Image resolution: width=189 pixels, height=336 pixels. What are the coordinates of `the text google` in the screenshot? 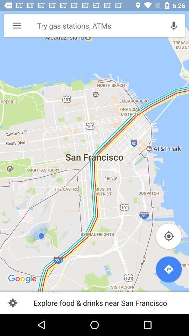 It's located at (22, 279).